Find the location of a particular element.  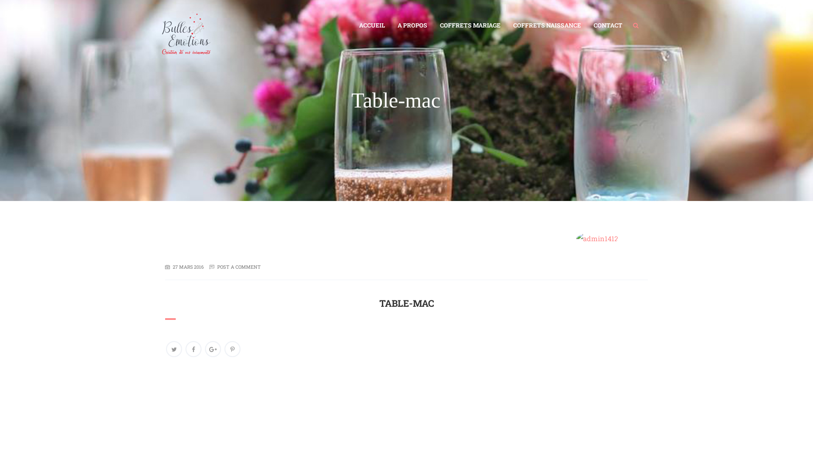

'Pinterest' is located at coordinates (232, 349).